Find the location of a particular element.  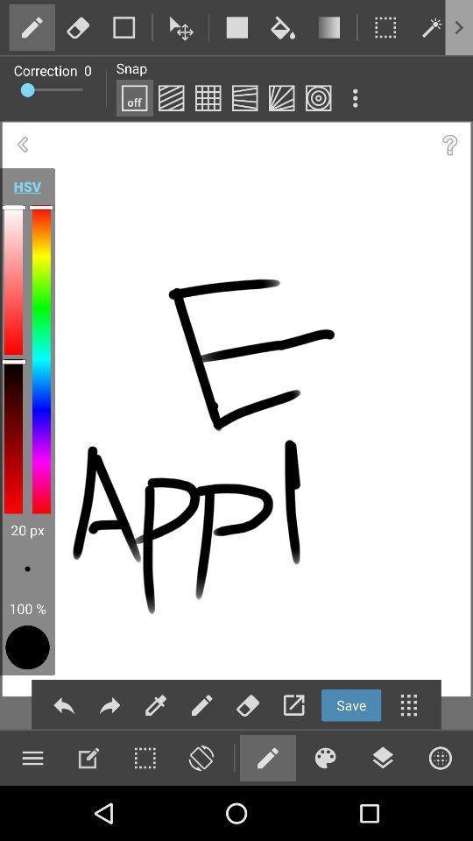

flips it sideways is located at coordinates (200, 757).